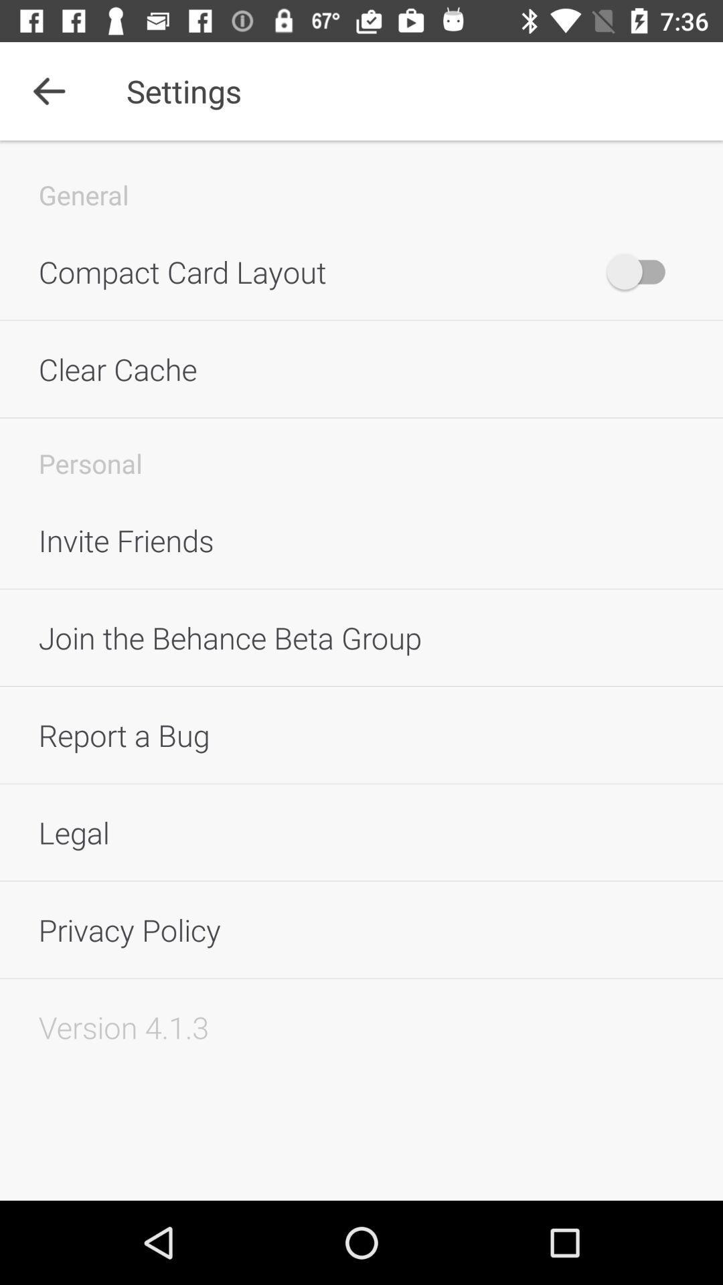 This screenshot has height=1285, width=723. Describe the element at coordinates (642, 271) in the screenshot. I see `the icon to the right of the compact card layout` at that location.